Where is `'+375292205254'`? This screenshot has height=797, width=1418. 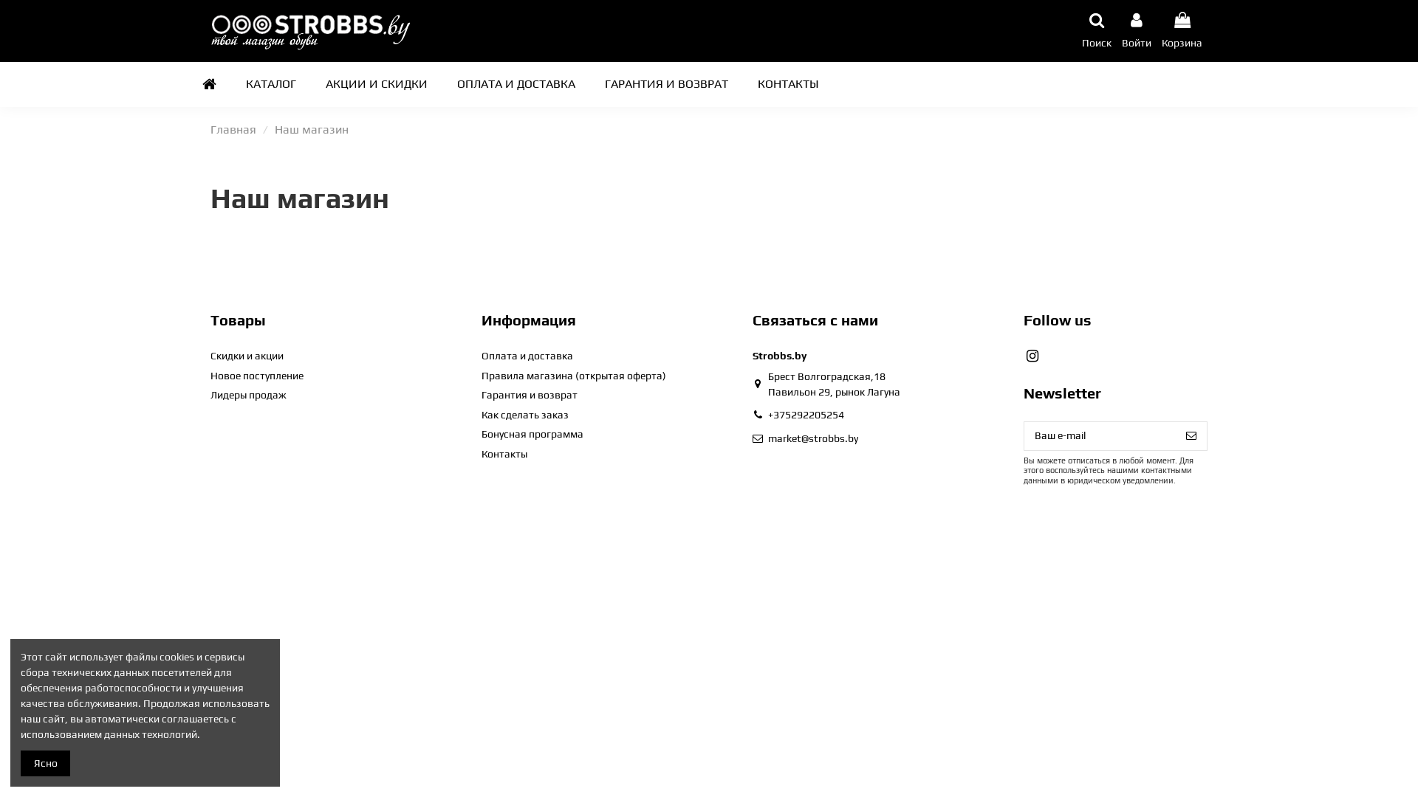 '+375292205254' is located at coordinates (805, 415).